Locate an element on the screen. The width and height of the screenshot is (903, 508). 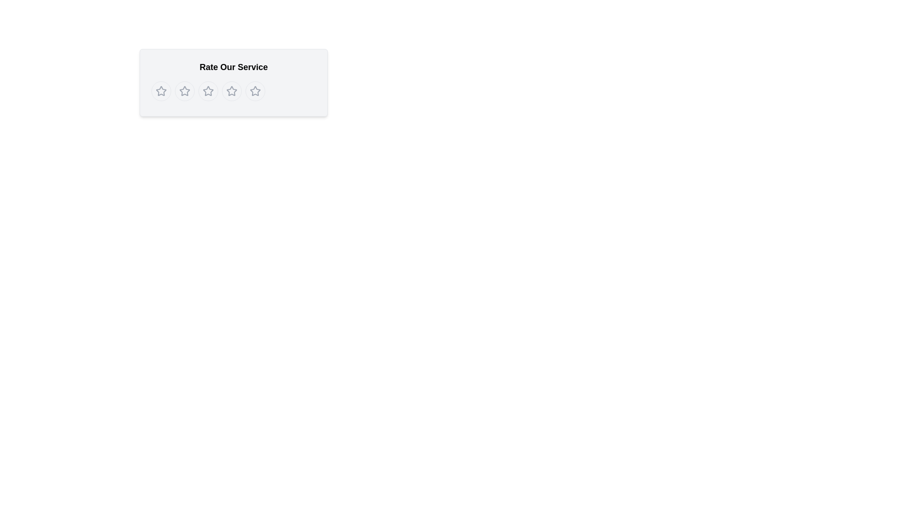
the second rounded button with a star icon, positioned under the 'Rate Our Service' header is located at coordinates (185, 91).